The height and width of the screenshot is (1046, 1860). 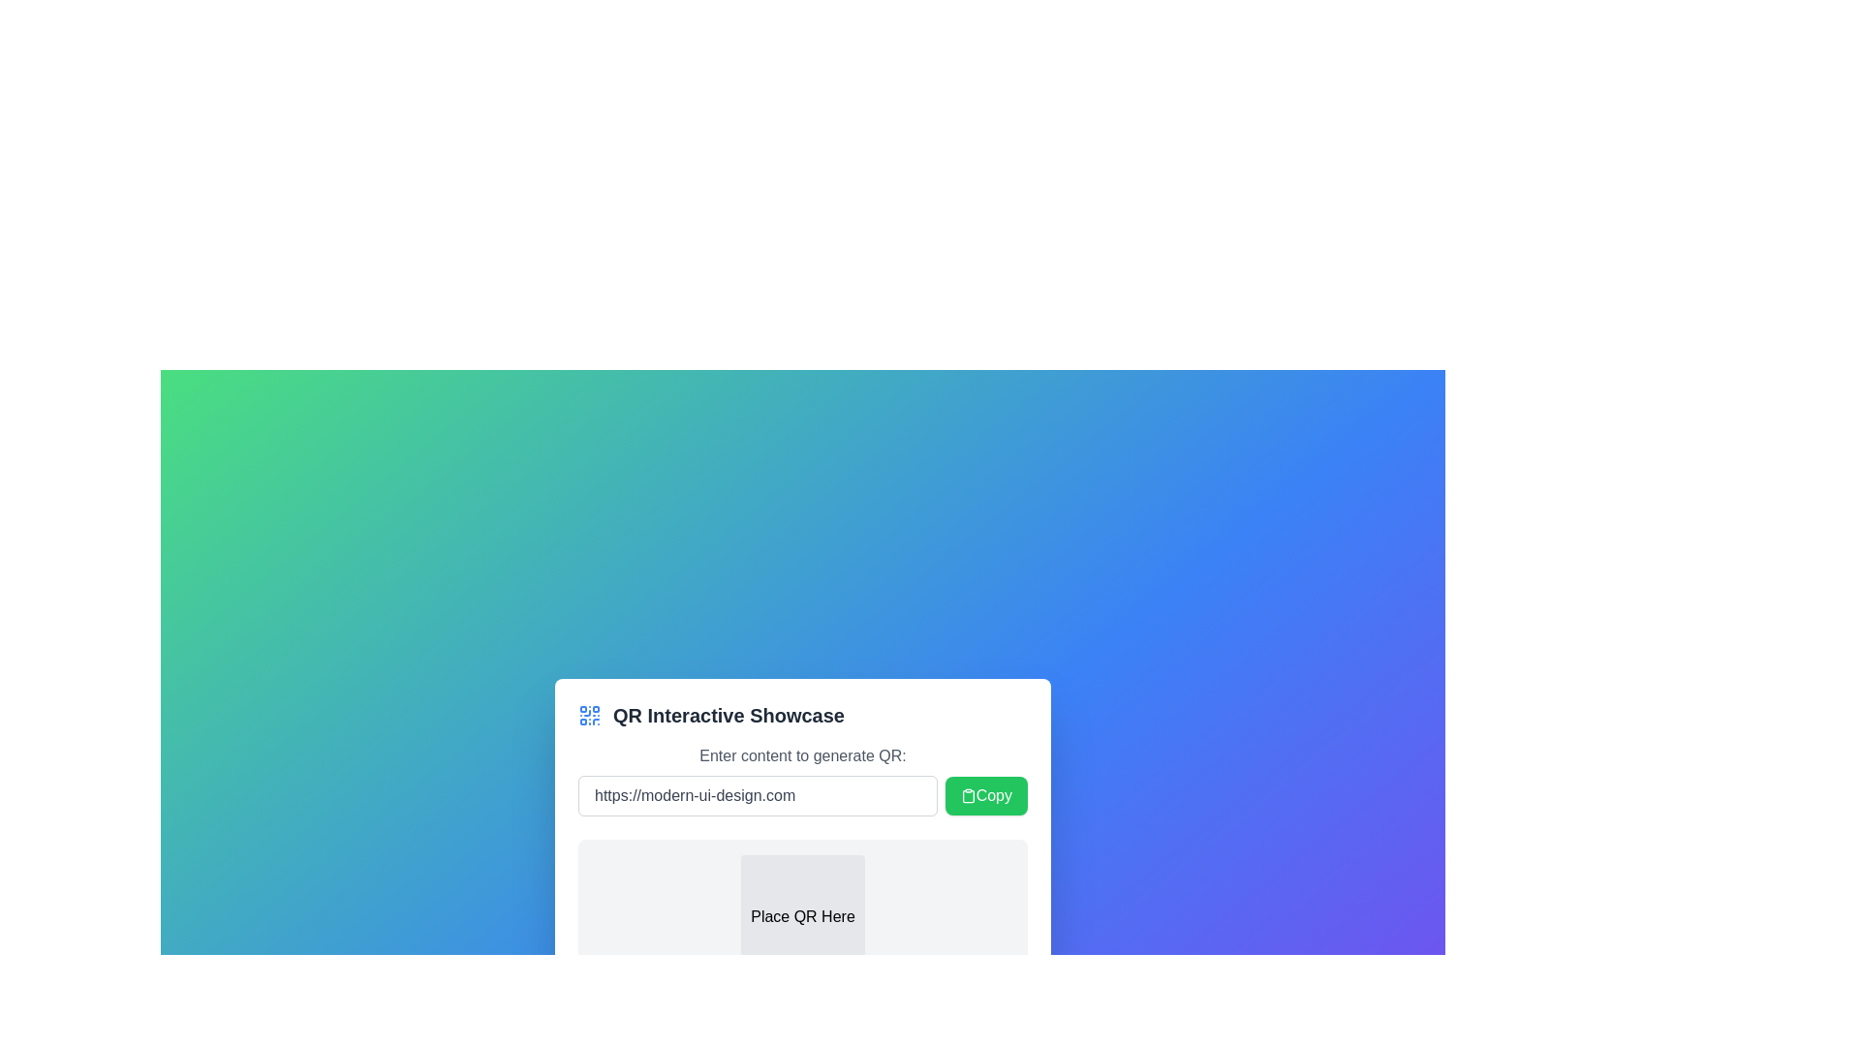 I want to click on the text label for the QR code interactivity card, so click(x=803, y=716).